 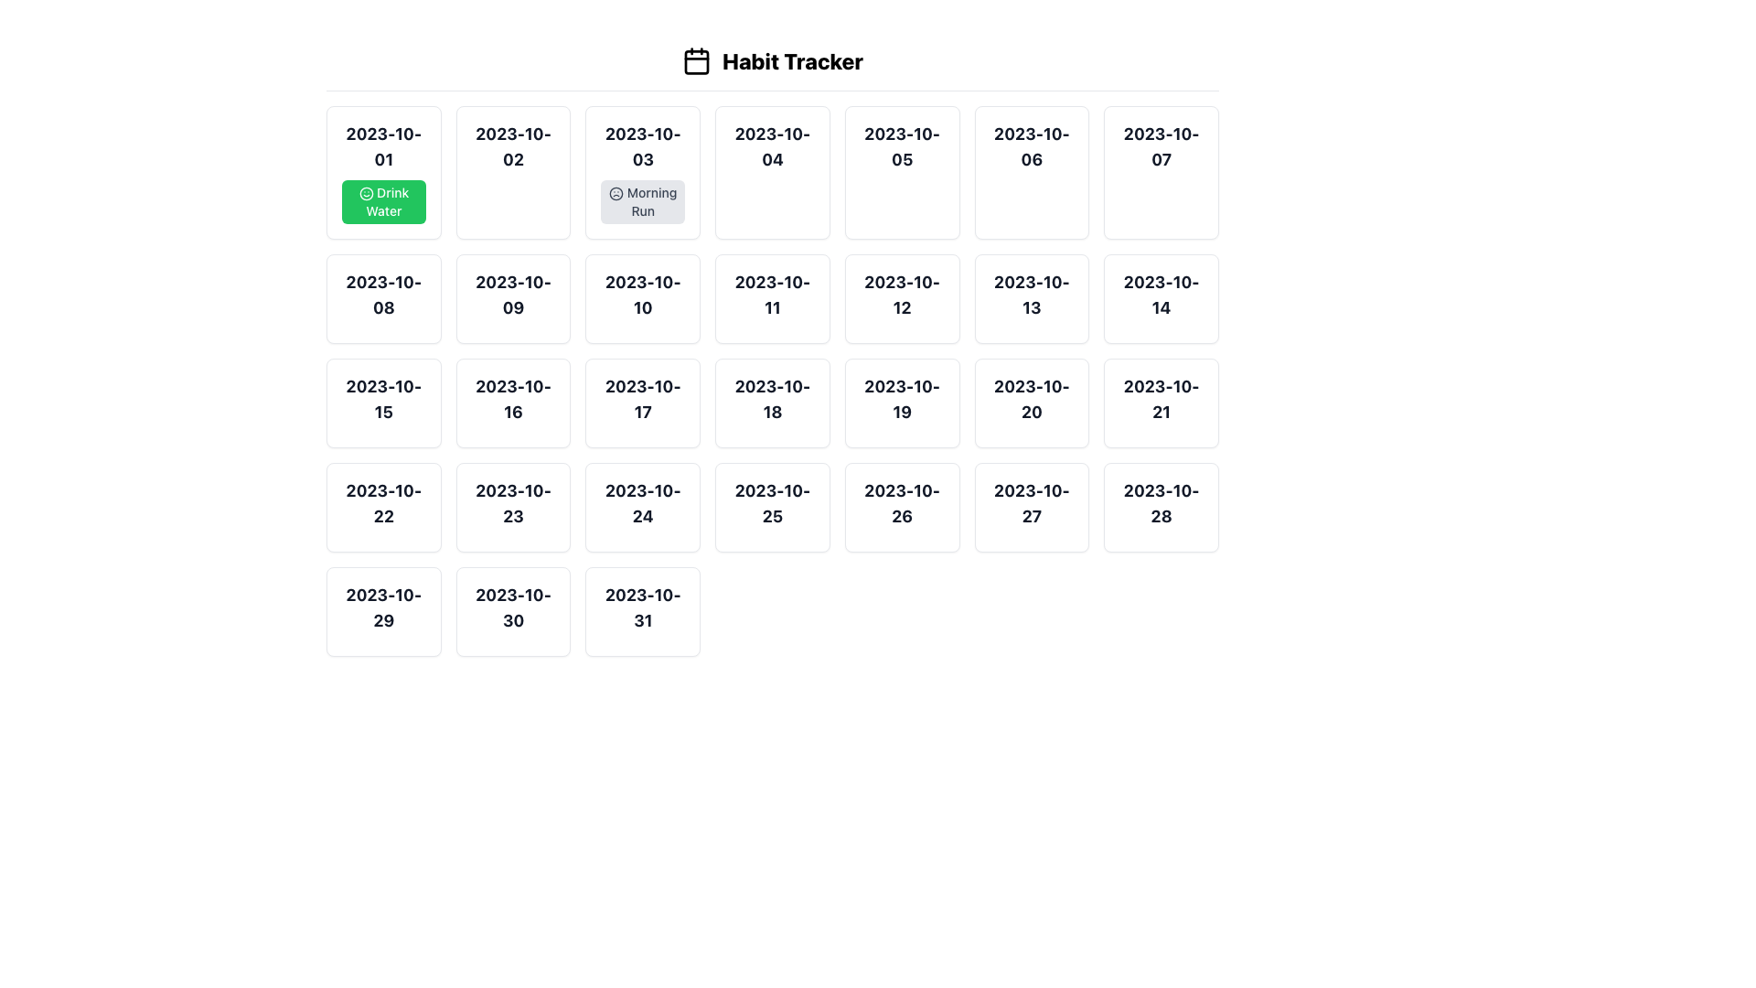 I want to click on the date box displaying '2023-10-13', so click(x=1032, y=298).